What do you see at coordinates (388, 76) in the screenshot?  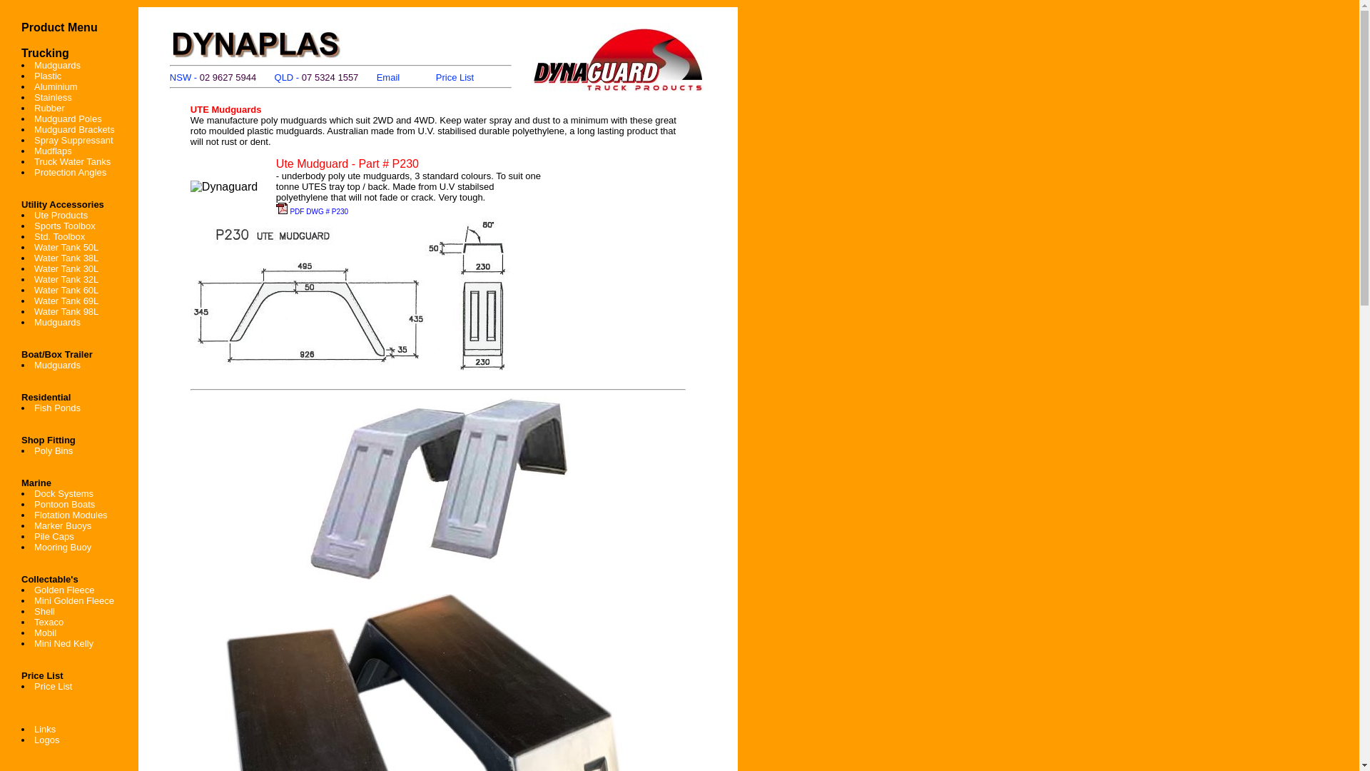 I see `'Email'` at bounding box center [388, 76].